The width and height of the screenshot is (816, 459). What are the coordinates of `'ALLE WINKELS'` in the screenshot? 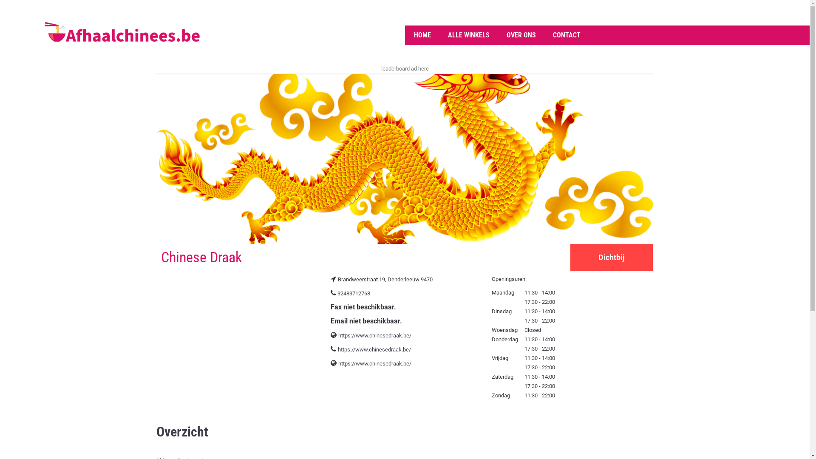 It's located at (468, 35).